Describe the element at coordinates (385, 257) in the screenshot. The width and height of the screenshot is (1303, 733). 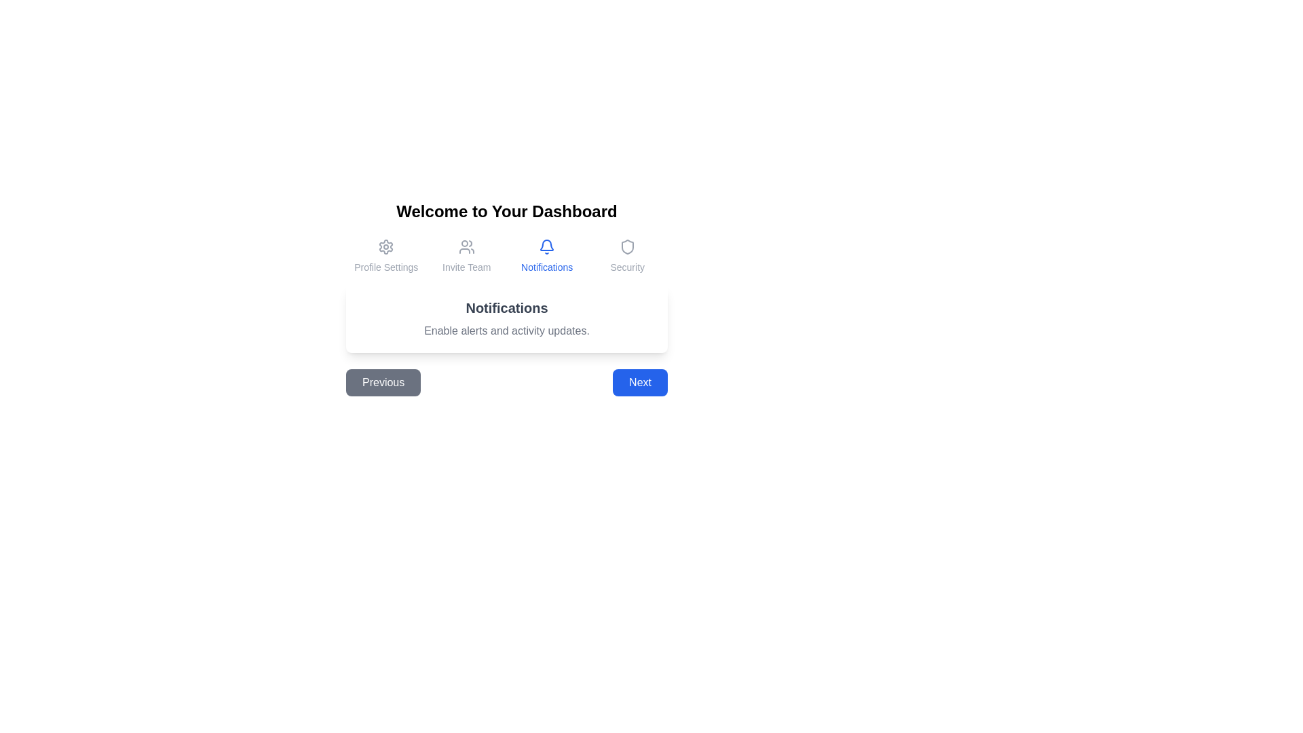
I see `the 'Profile Settings' section, which features an icon resembling settings or configuration, located at the top left of the navigation interface` at that location.